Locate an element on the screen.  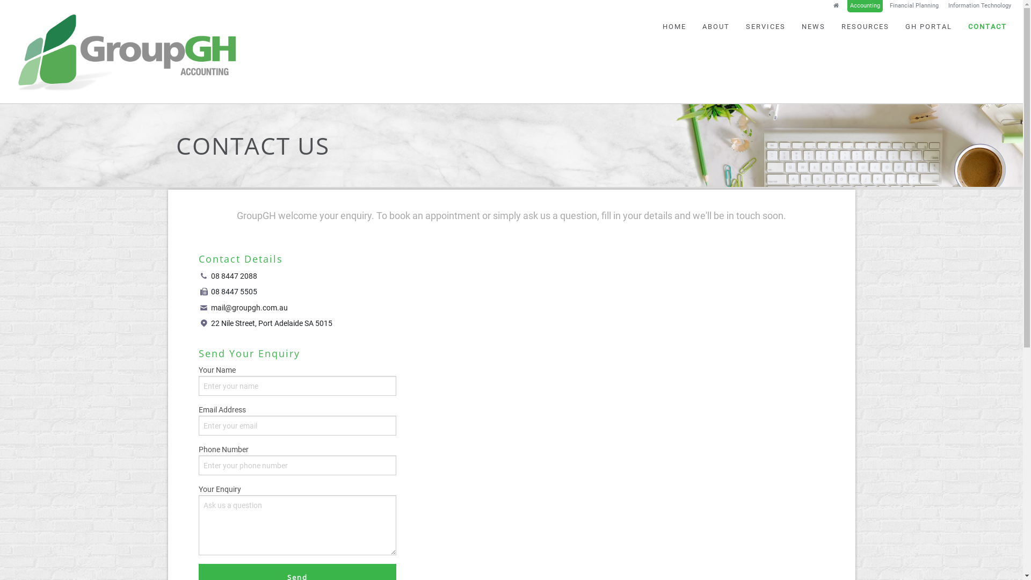
'HOME' is located at coordinates (654, 26).